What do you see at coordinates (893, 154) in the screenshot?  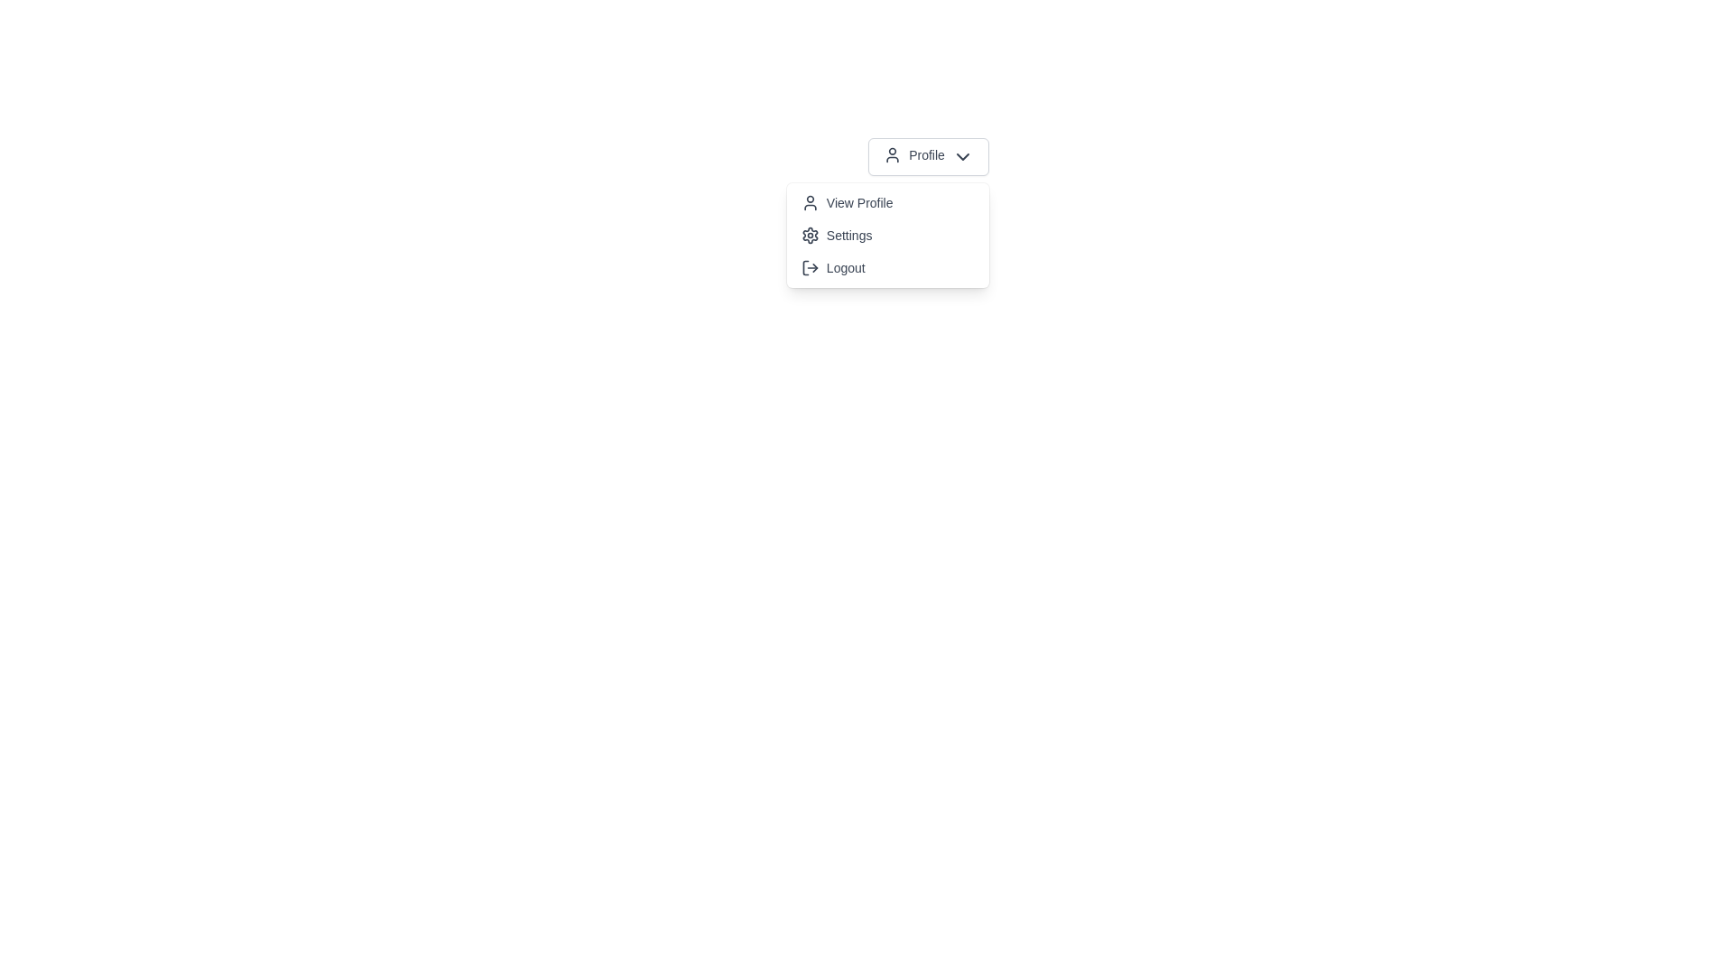 I see `the user's profile icon, which is a circular head with a semi-circular body, located to the left of the text 'Profile' in the dropdown menu` at bounding box center [893, 154].